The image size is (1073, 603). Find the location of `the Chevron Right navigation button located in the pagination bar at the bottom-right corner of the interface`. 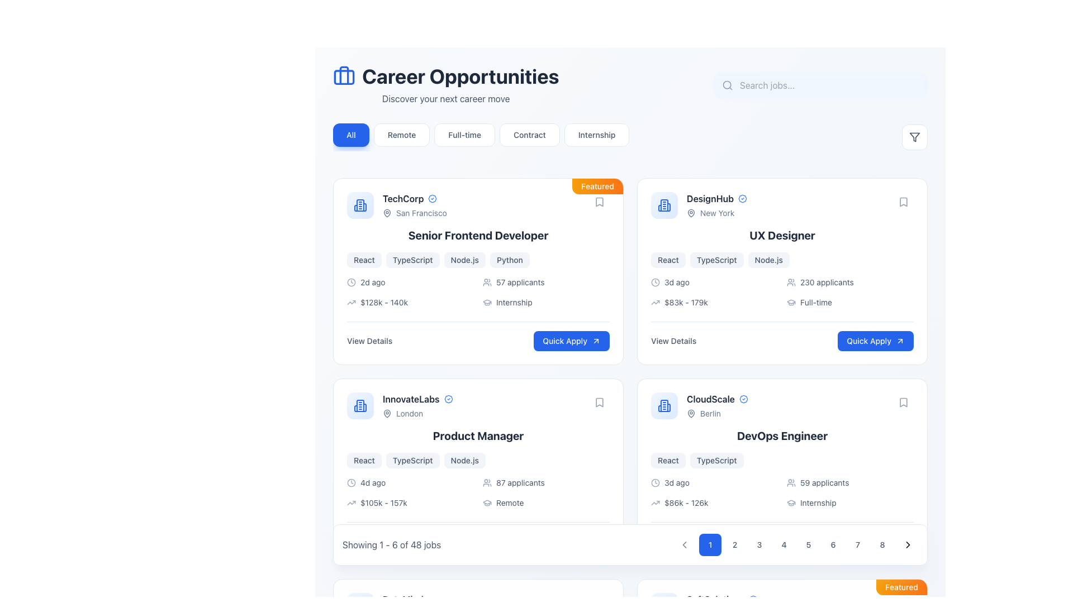

the Chevron Right navigation button located in the pagination bar at the bottom-right corner of the interface is located at coordinates (908, 544).